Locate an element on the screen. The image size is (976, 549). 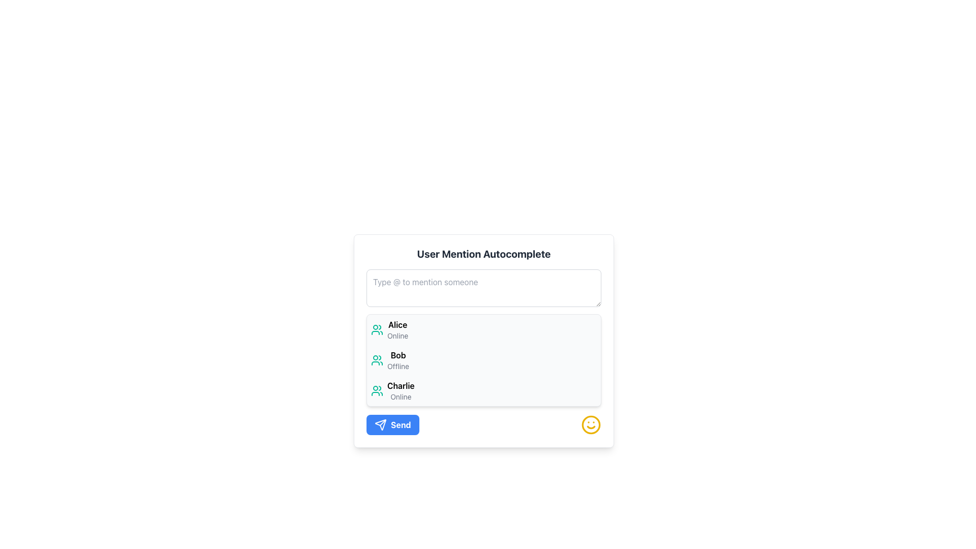
the 'Send' button icon, which is located at the bottom left of the interactive panel and is centered directly to the left of the text 'Send' is located at coordinates (380, 425).